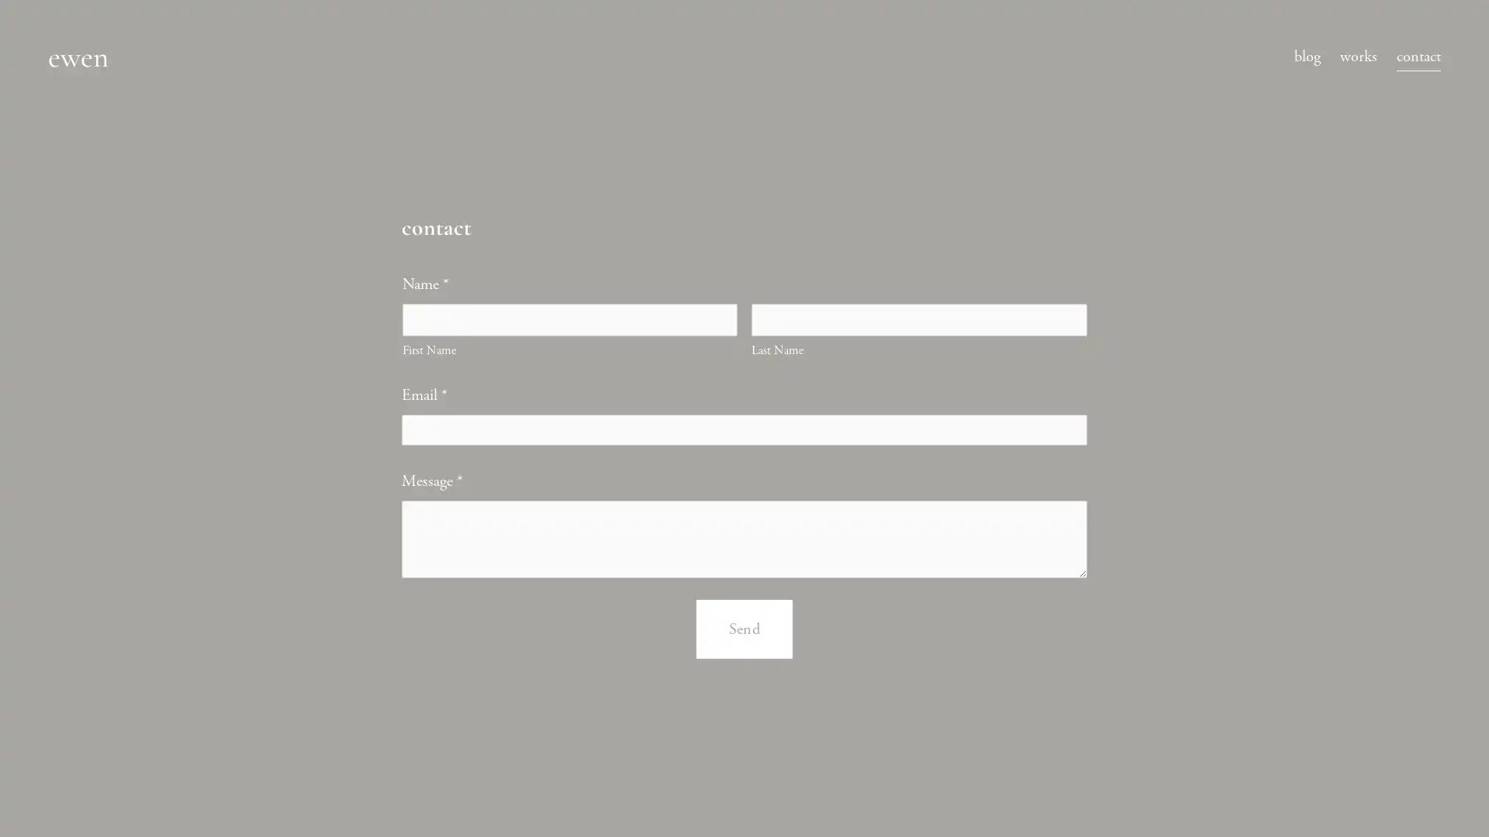 The image size is (1489, 837). What do you see at coordinates (743, 646) in the screenshot?
I see `Send` at bounding box center [743, 646].